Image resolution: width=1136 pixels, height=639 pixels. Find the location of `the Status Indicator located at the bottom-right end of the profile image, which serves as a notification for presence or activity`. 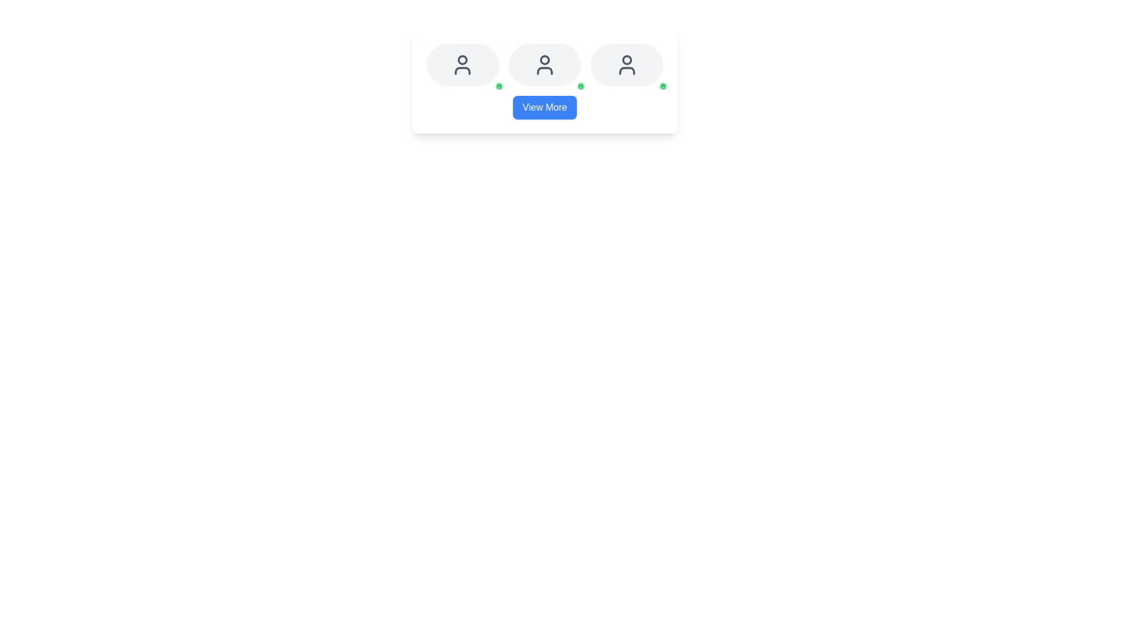

the Status Indicator located at the bottom-right end of the profile image, which serves as a notification for presence or activity is located at coordinates (581, 86).